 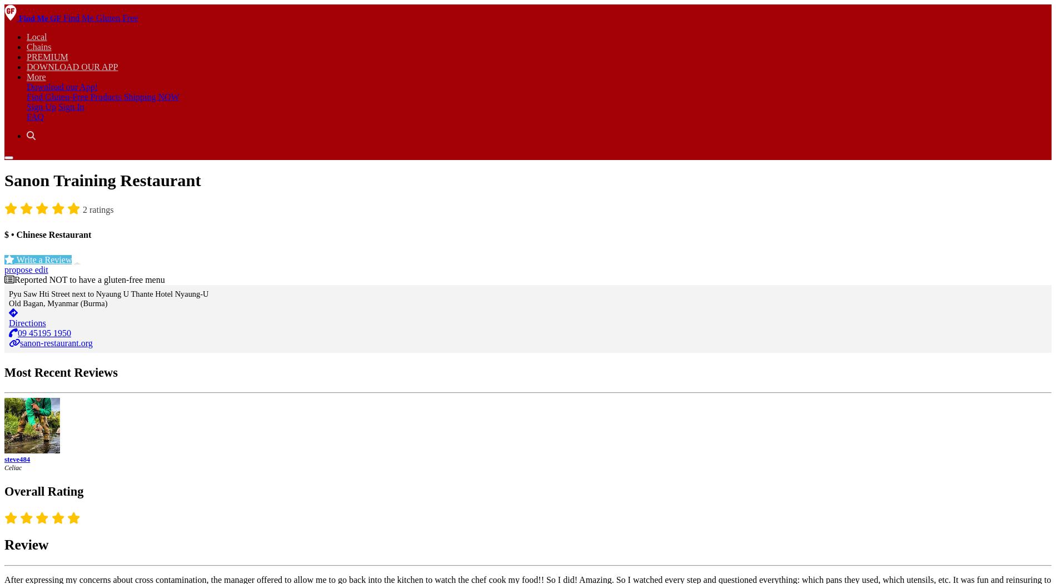 What do you see at coordinates (61, 372) in the screenshot?
I see `'Most Recent Reviews'` at bounding box center [61, 372].